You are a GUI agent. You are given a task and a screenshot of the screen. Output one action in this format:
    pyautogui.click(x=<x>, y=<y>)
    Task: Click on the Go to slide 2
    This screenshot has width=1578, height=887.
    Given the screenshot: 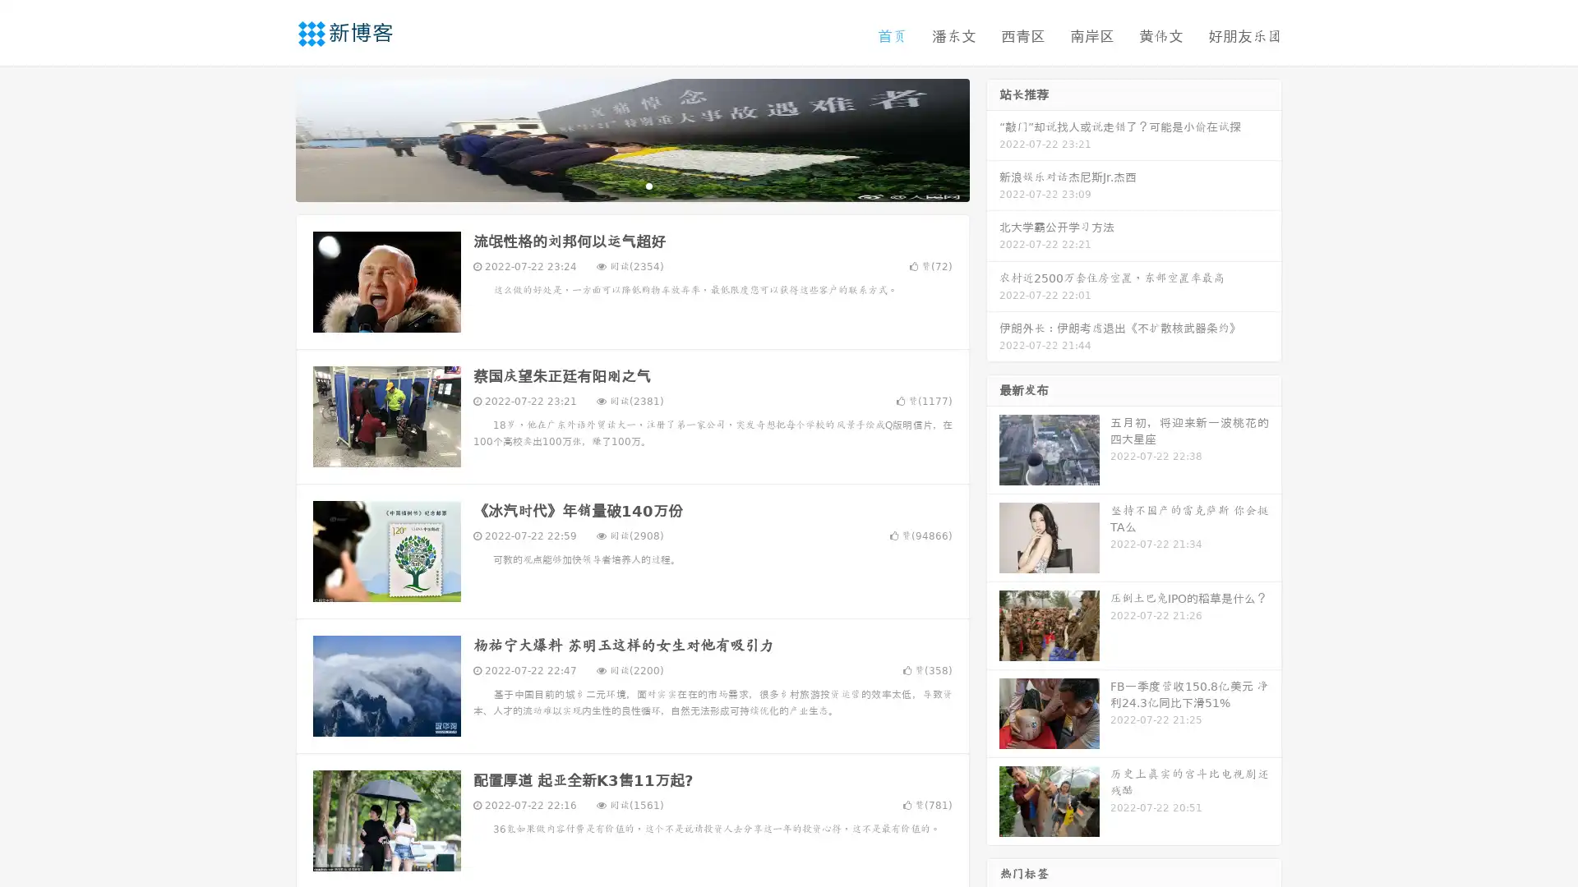 What is the action you would take?
    pyautogui.click(x=631, y=185)
    